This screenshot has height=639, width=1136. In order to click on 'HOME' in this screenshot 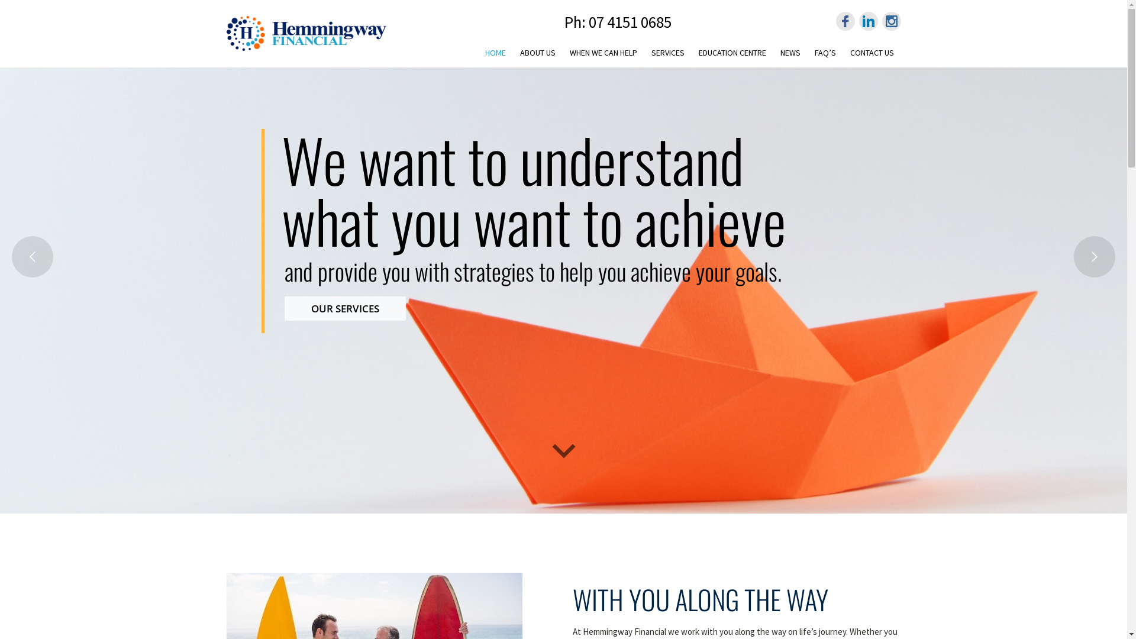, I will do `click(477, 51)`.